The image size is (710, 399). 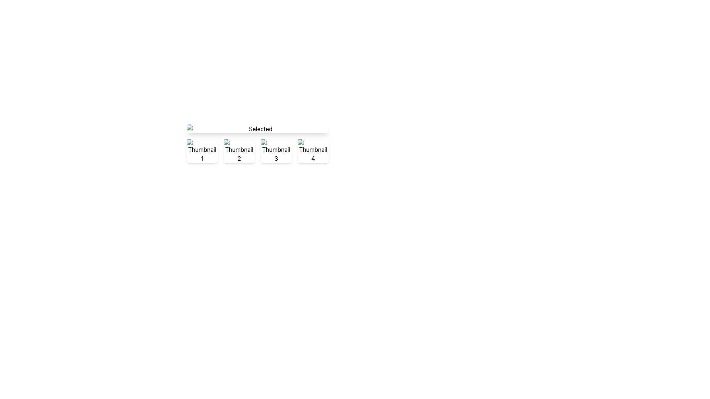 What do you see at coordinates (313, 150) in the screenshot?
I see `the fourth thumbnail button` at bounding box center [313, 150].